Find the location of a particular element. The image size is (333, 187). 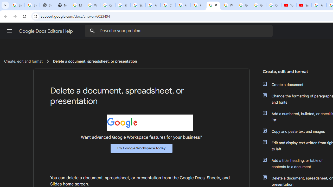

'Create your Google Account' is located at coordinates (107, 5).